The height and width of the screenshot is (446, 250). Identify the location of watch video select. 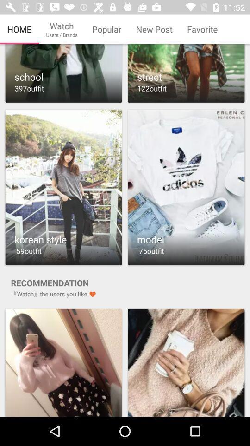
(186, 187).